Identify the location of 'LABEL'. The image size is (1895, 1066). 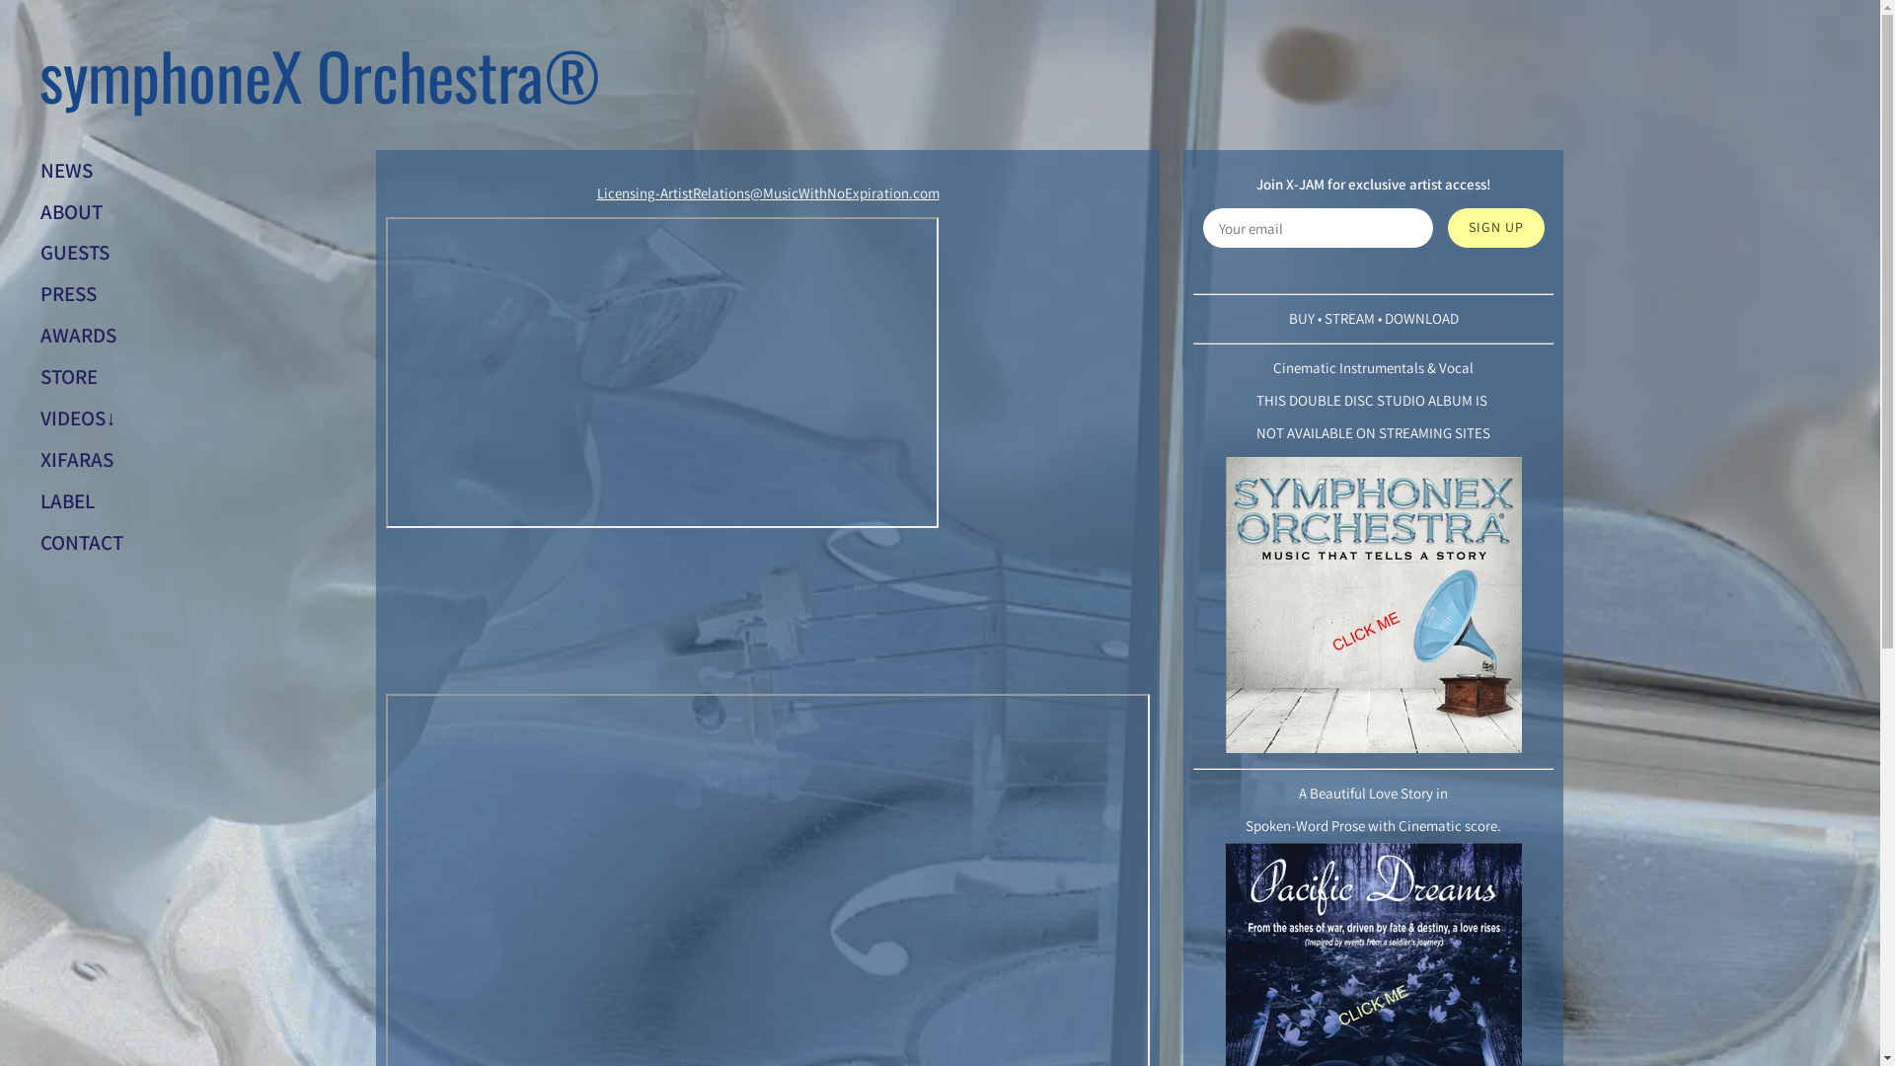
(67, 499).